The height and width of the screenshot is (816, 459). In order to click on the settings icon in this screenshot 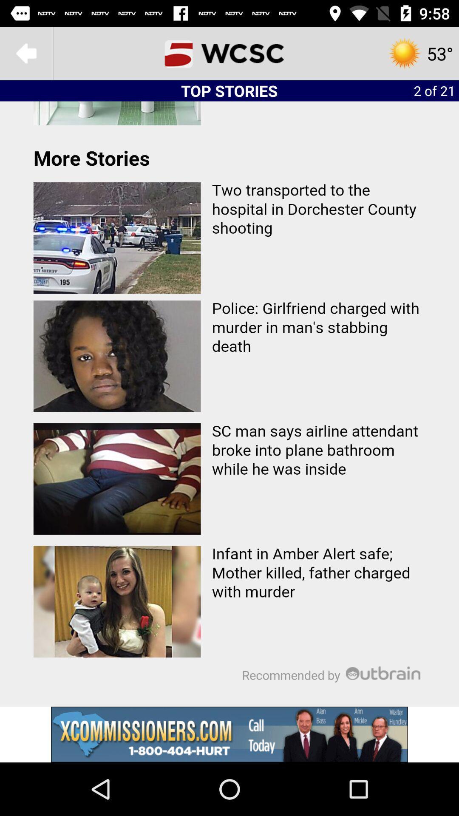, I will do `click(420, 53)`.